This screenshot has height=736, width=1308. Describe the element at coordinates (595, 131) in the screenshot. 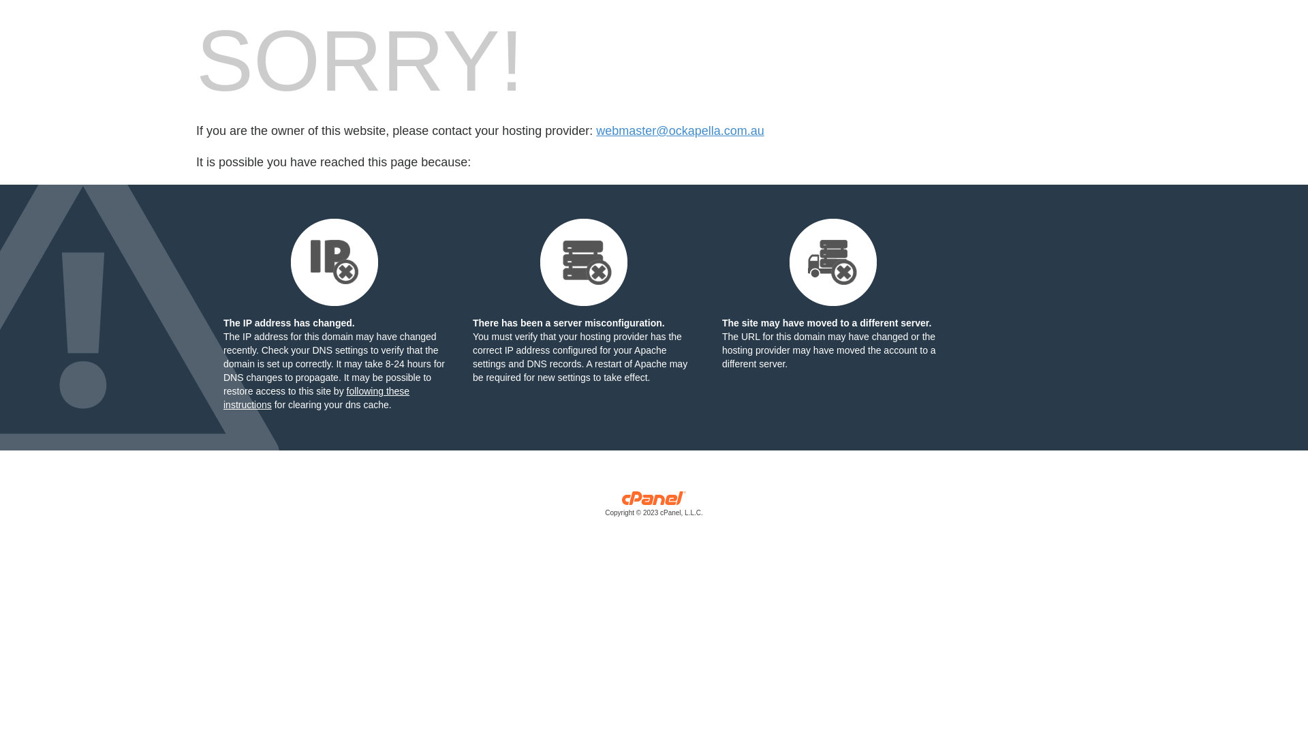

I see `'webmaster@ockapella.com.au'` at that location.